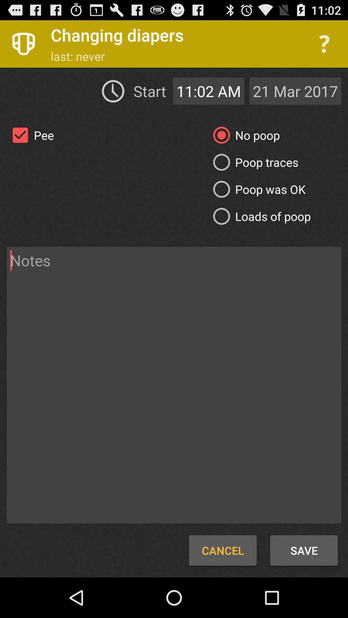 The width and height of the screenshot is (348, 618). Describe the element at coordinates (259, 216) in the screenshot. I see `loads of poop item` at that location.